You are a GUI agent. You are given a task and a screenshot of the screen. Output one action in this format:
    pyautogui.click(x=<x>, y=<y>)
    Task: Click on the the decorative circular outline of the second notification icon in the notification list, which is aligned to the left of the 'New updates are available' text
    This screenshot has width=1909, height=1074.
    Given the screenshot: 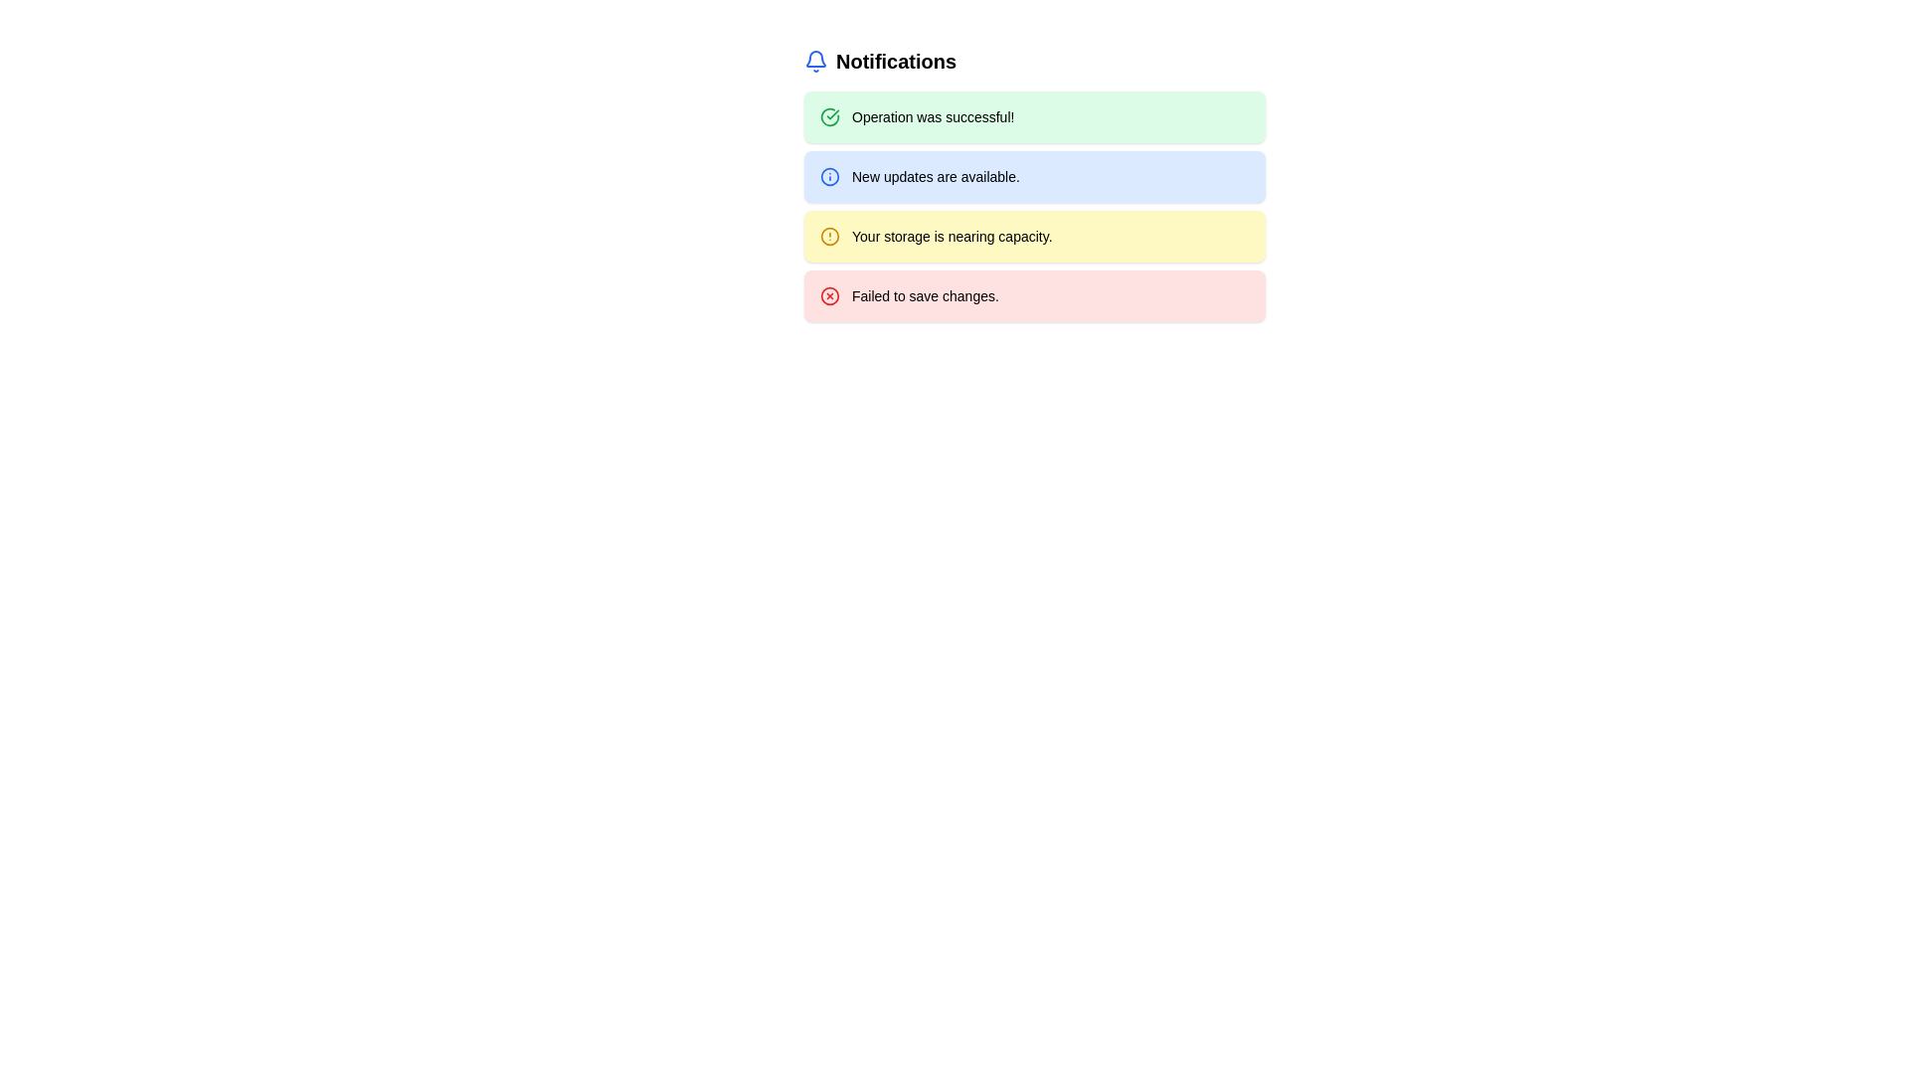 What is the action you would take?
    pyautogui.click(x=830, y=175)
    